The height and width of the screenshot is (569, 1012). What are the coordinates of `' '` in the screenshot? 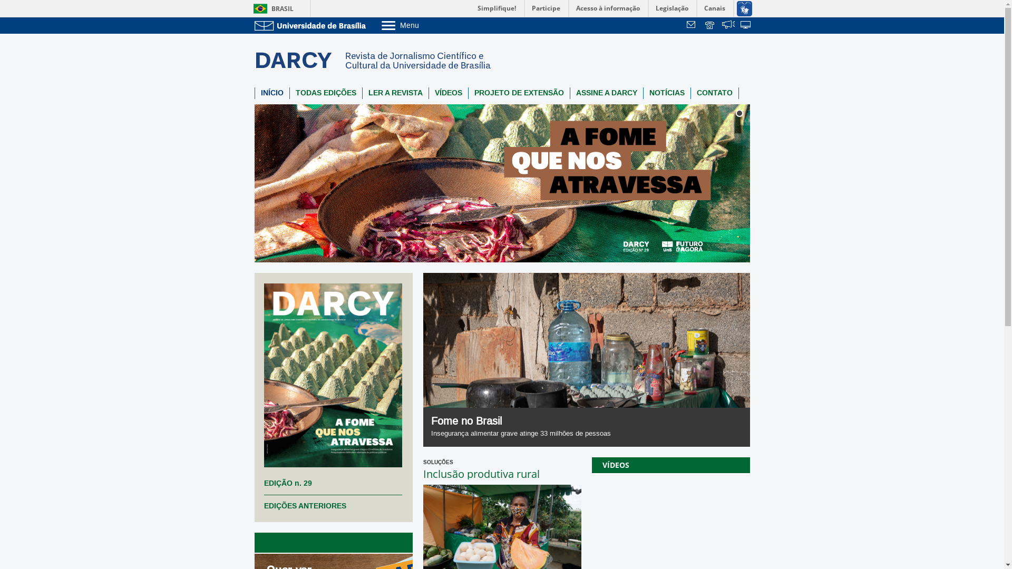 It's located at (711, 25).